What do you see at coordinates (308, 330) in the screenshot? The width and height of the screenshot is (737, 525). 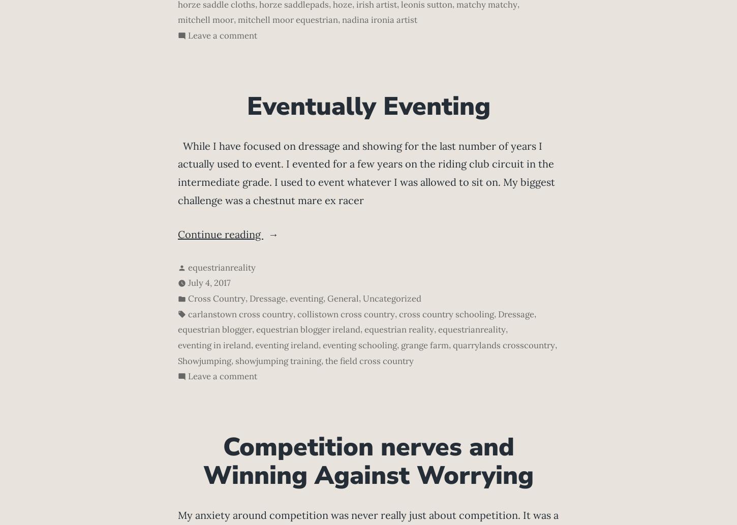 I see `'equestrian blogger ireland'` at bounding box center [308, 330].